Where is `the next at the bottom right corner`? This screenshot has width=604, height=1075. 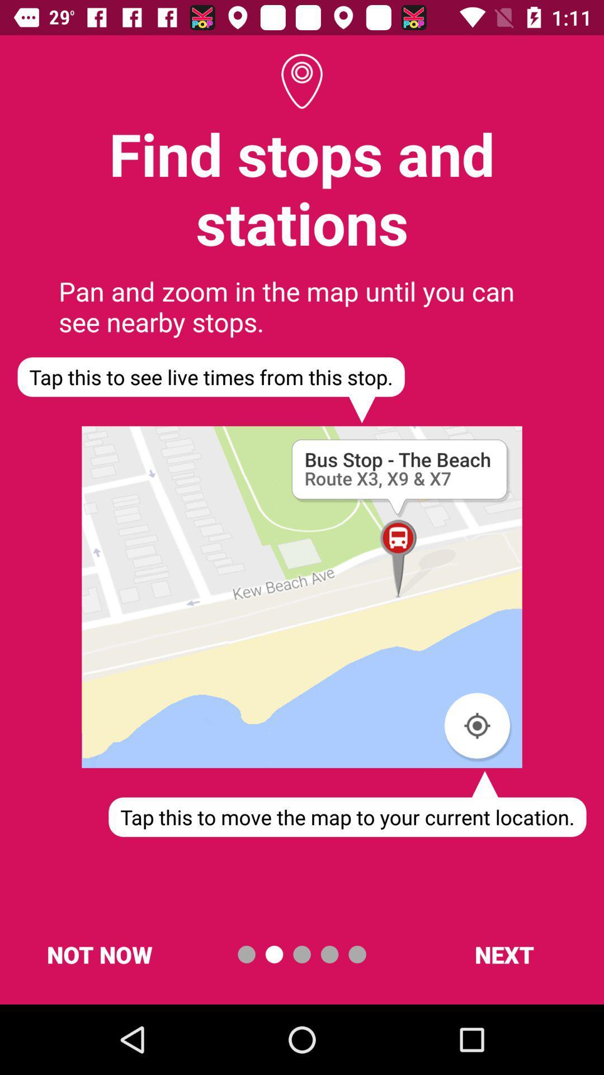
the next at the bottom right corner is located at coordinates (504, 954).